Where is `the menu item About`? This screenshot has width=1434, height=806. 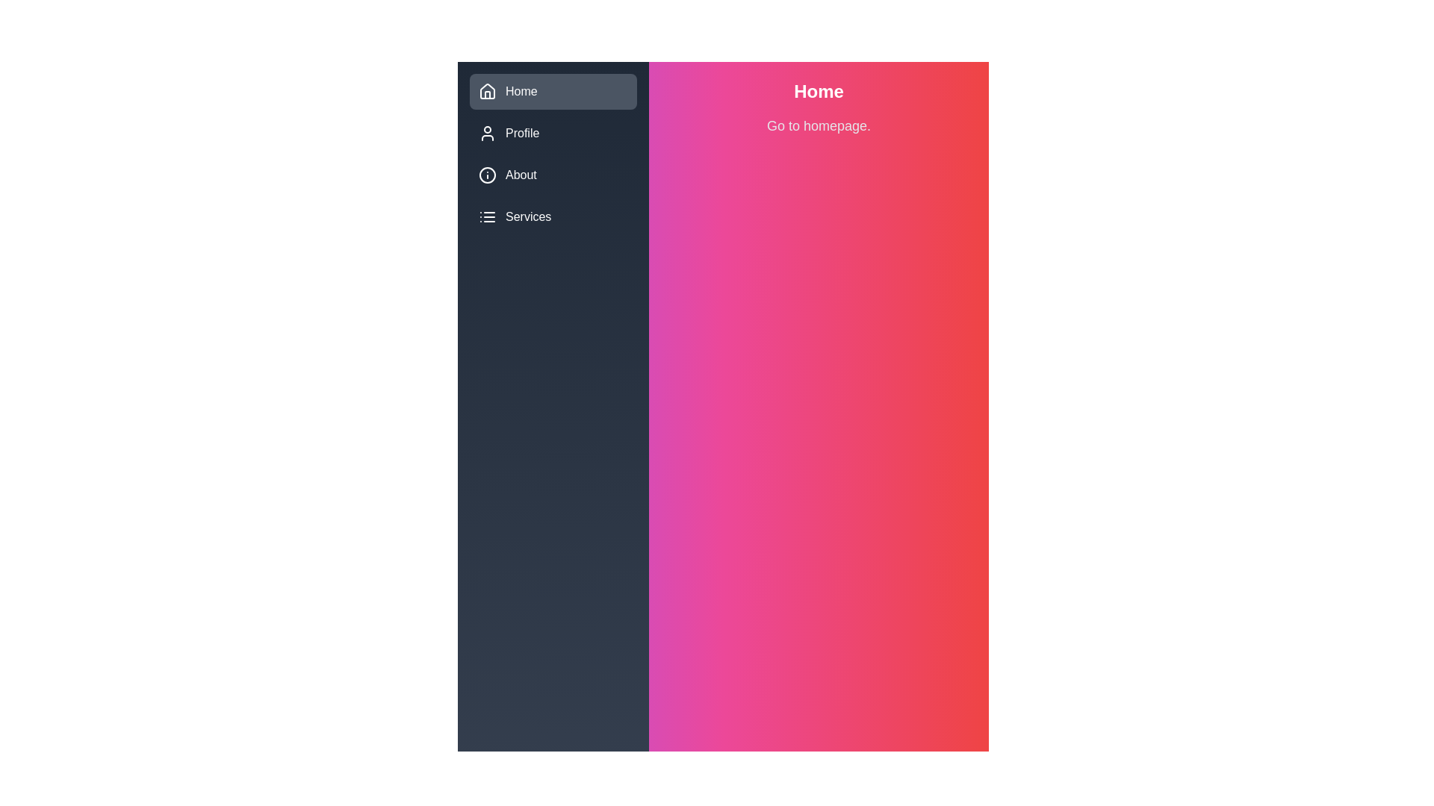 the menu item About is located at coordinates (552, 175).